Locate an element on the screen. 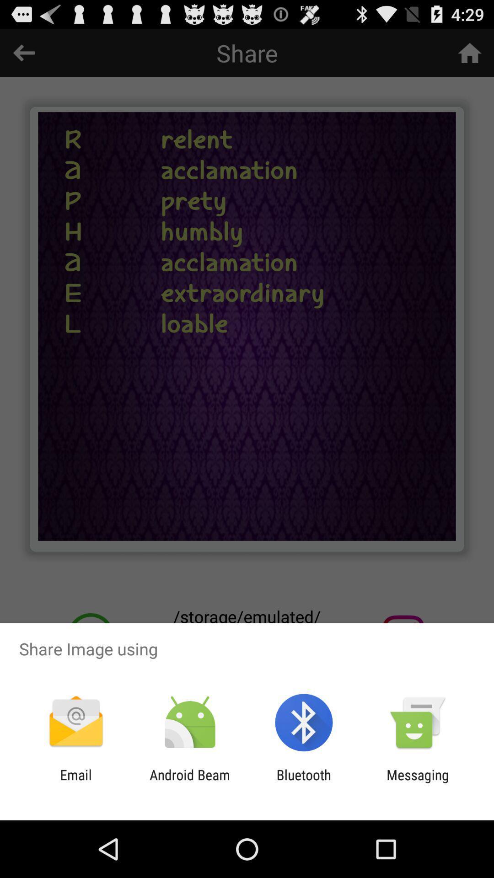 Image resolution: width=494 pixels, height=878 pixels. item next to email item is located at coordinates (189, 782).